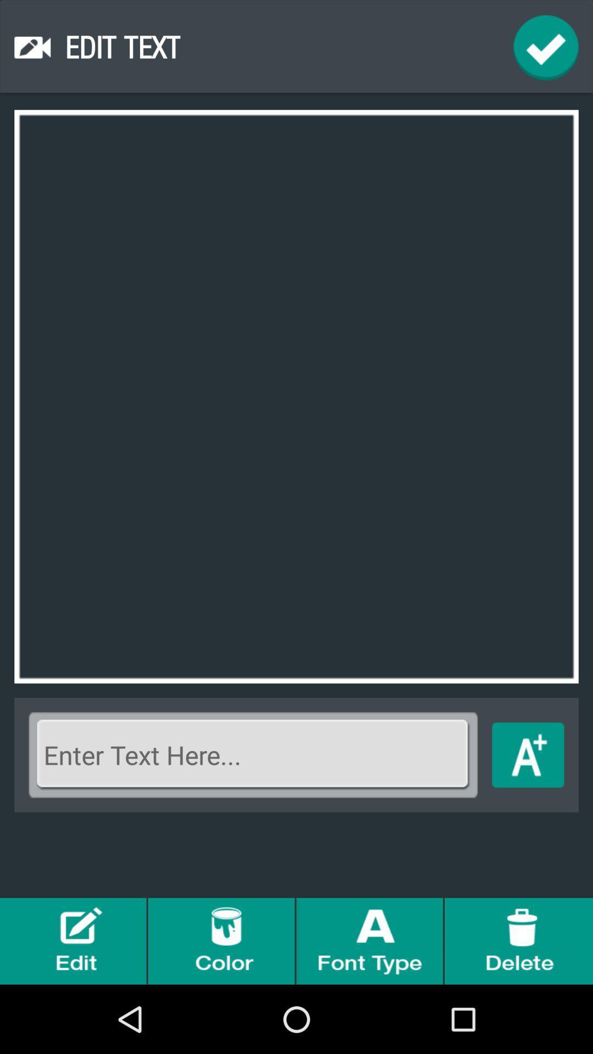 Image resolution: width=593 pixels, height=1054 pixels. Describe the element at coordinates (253, 754) in the screenshot. I see `text` at that location.